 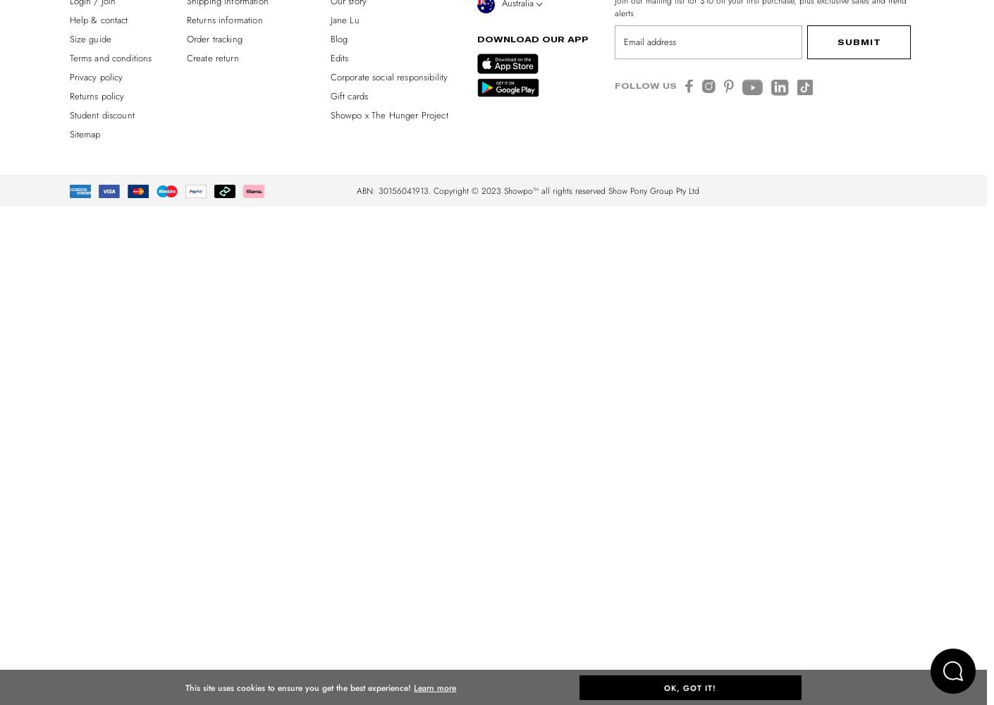 I want to click on 'Showpo x The Hunger Project', so click(x=388, y=114).